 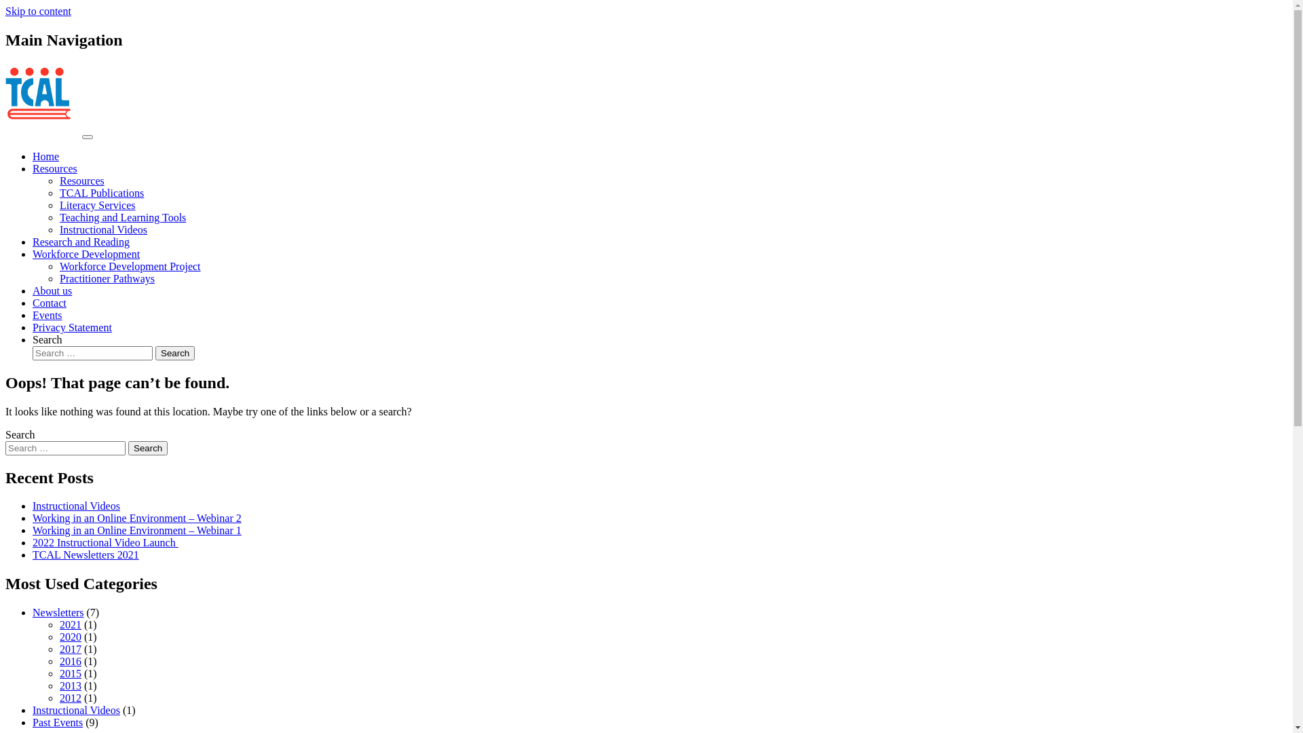 I want to click on 'Skip to content', so click(x=38, y=11).